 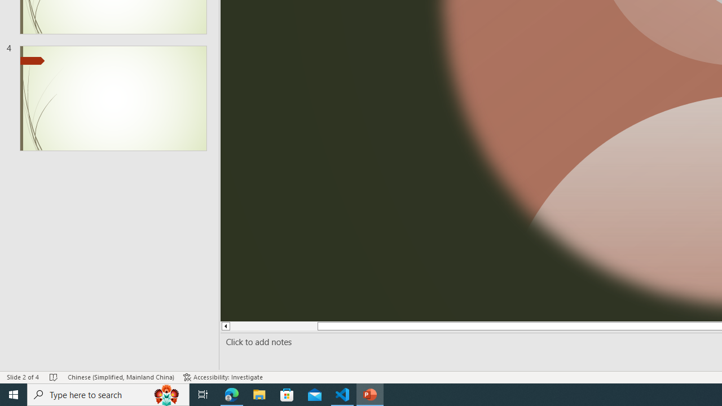 What do you see at coordinates (54, 377) in the screenshot?
I see `'Spell Check No Errors'` at bounding box center [54, 377].